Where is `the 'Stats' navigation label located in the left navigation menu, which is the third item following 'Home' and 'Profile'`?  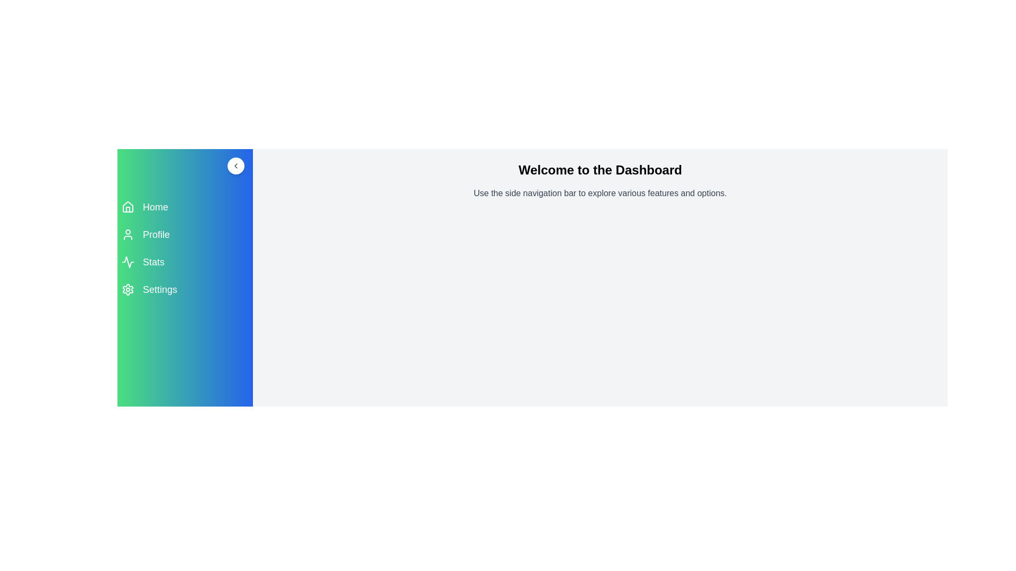 the 'Stats' navigation label located in the left navigation menu, which is the third item following 'Home' and 'Profile' is located at coordinates (153, 262).